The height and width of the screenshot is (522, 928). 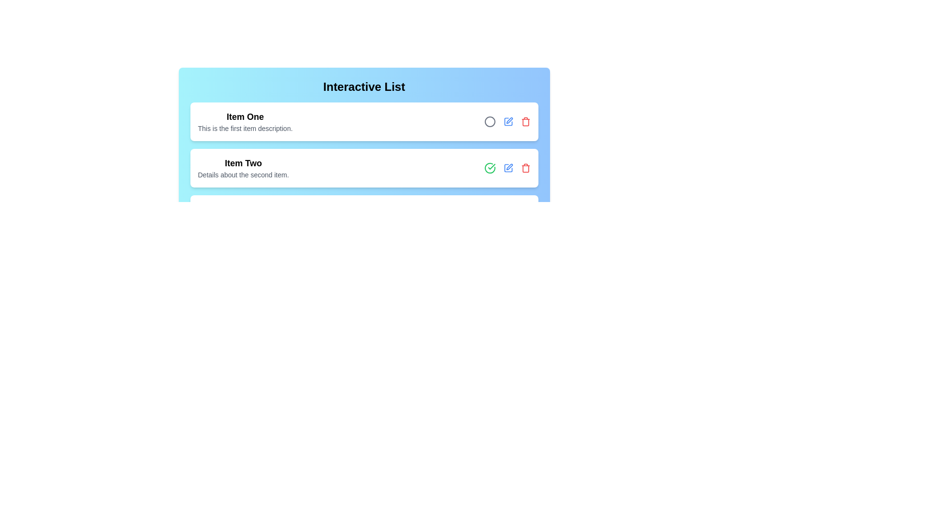 I want to click on edit icon for the item Item Two to edit its details, so click(x=507, y=167).